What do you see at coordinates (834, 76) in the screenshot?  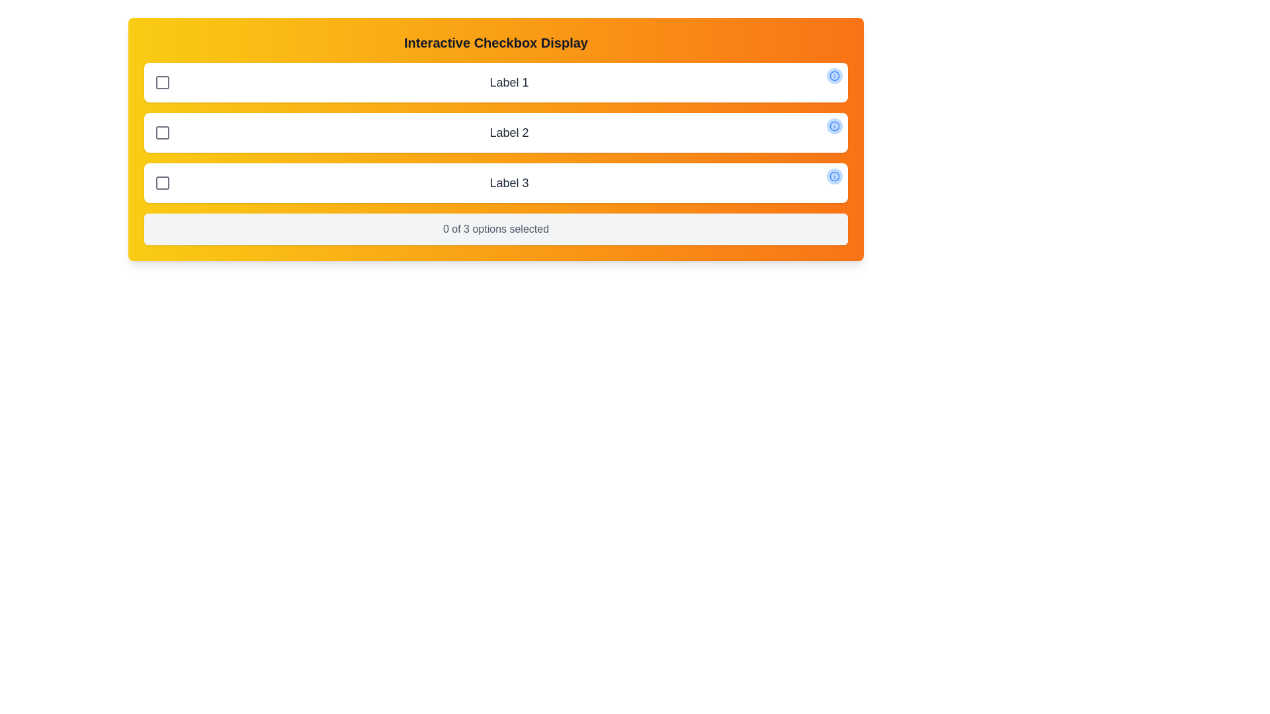 I see `the information icon for option 1` at bounding box center [834, 76].